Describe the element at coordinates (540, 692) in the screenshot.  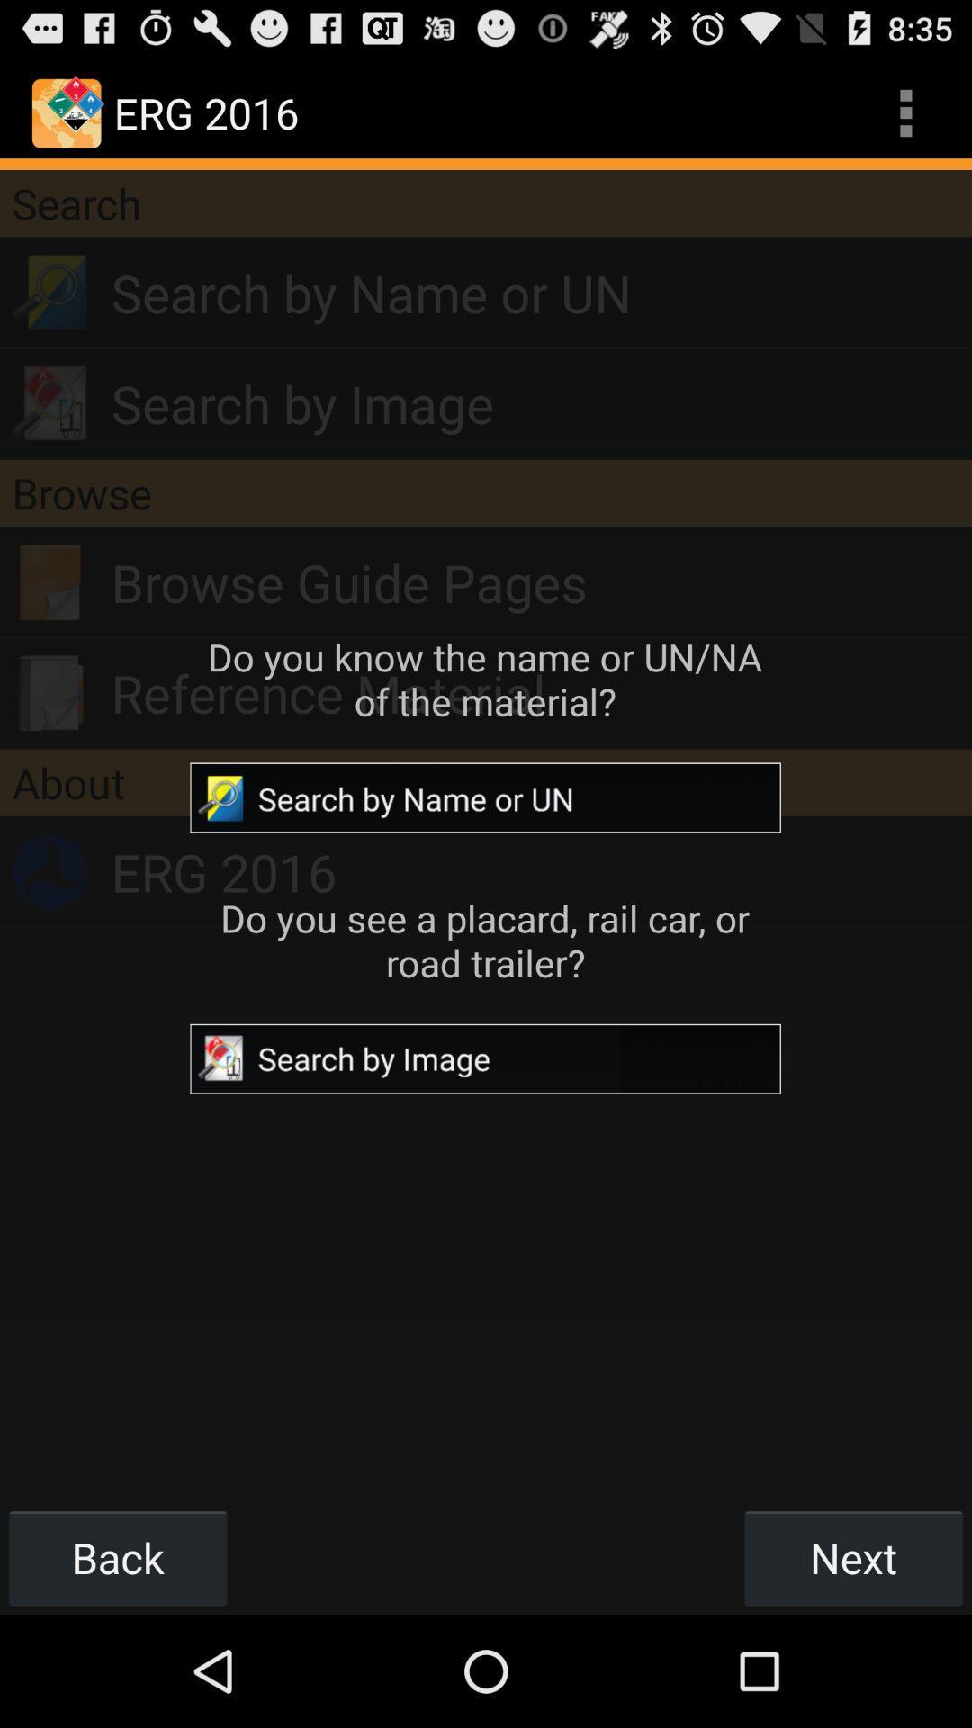
I see `icon above about app` at that location.